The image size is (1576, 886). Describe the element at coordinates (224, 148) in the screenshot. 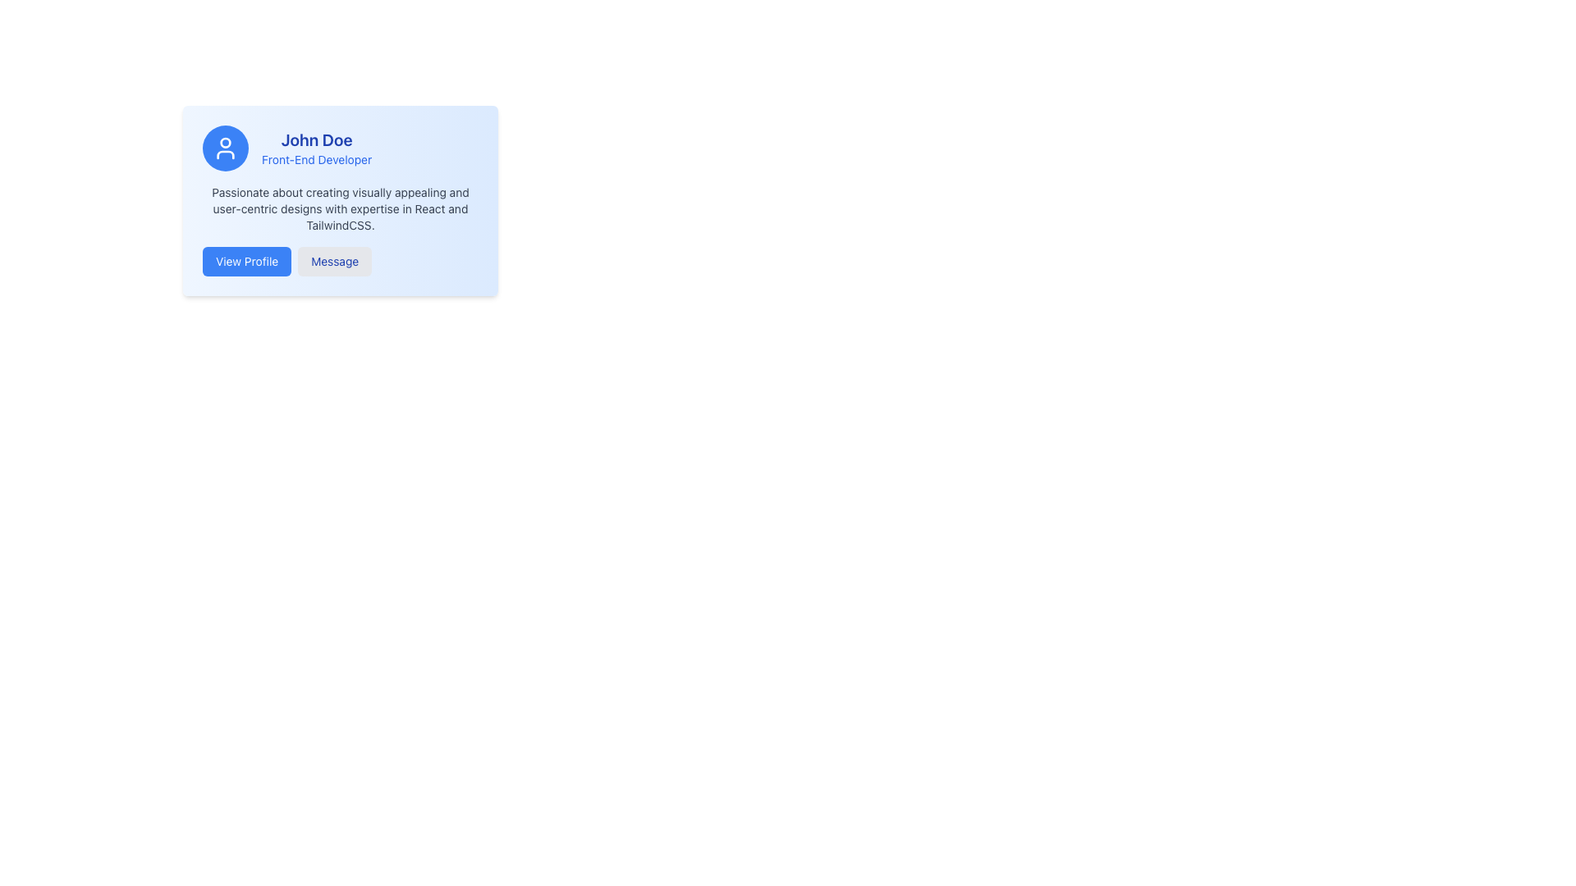

I see `the circular user profile icon featuring a white minimalist glyph on a blue background, located on the leftmost side of the layout, aligned with the text 'John Doe' and 'Front-End Developer'` at that location.